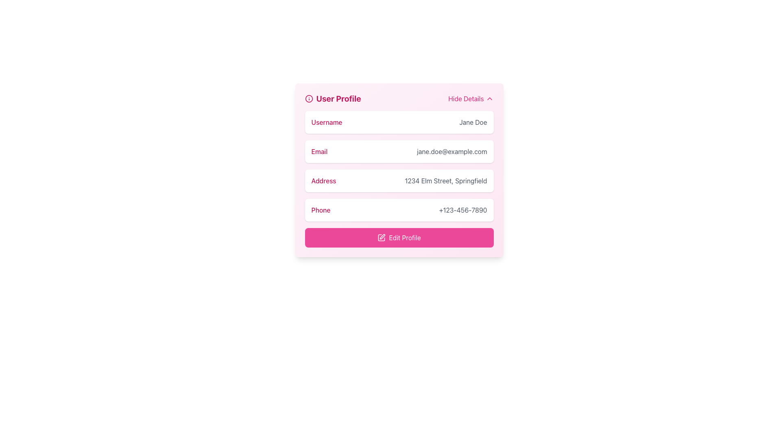  Describe the element at coordinates (463, 209) in the screenshot. I see `the phone number text label '+123-456-7890' located in the lower-right corner of the user profile card` at that location.